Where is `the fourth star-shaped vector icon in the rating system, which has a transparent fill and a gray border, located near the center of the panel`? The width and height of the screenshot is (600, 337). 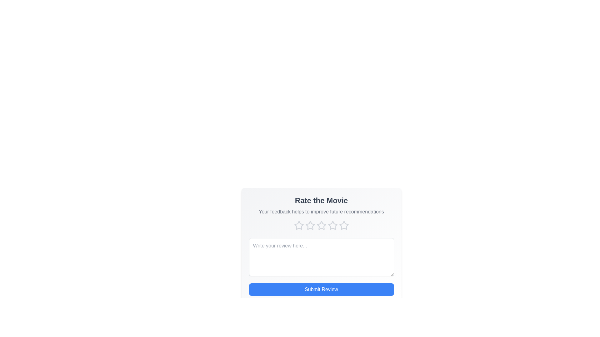
the fourth star-shaped vector icon in the rating system, which has a transparent fill and a gray border, located near the center of the panel is located at coordinates (332, 225).